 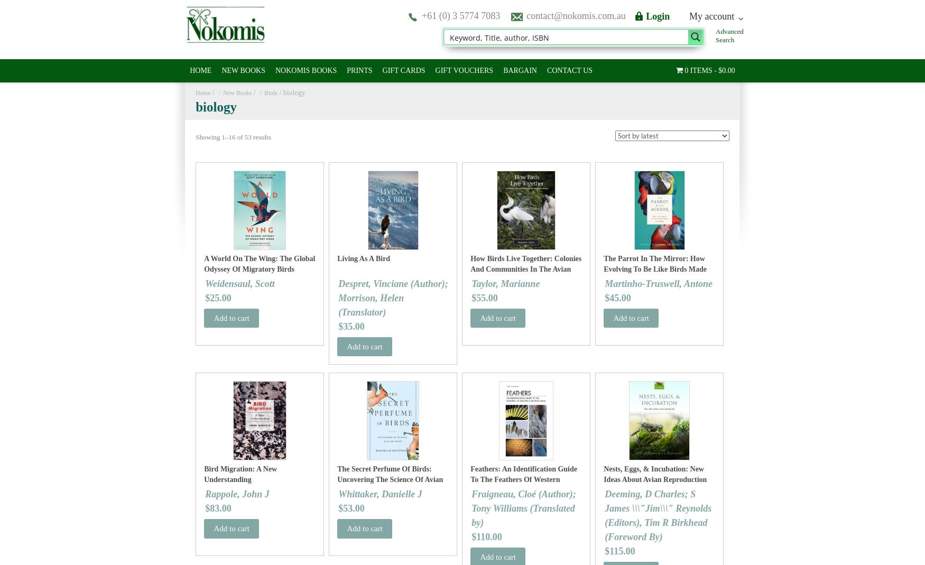 I want to click on 'Advanced Search', so click(x=729, y=35).